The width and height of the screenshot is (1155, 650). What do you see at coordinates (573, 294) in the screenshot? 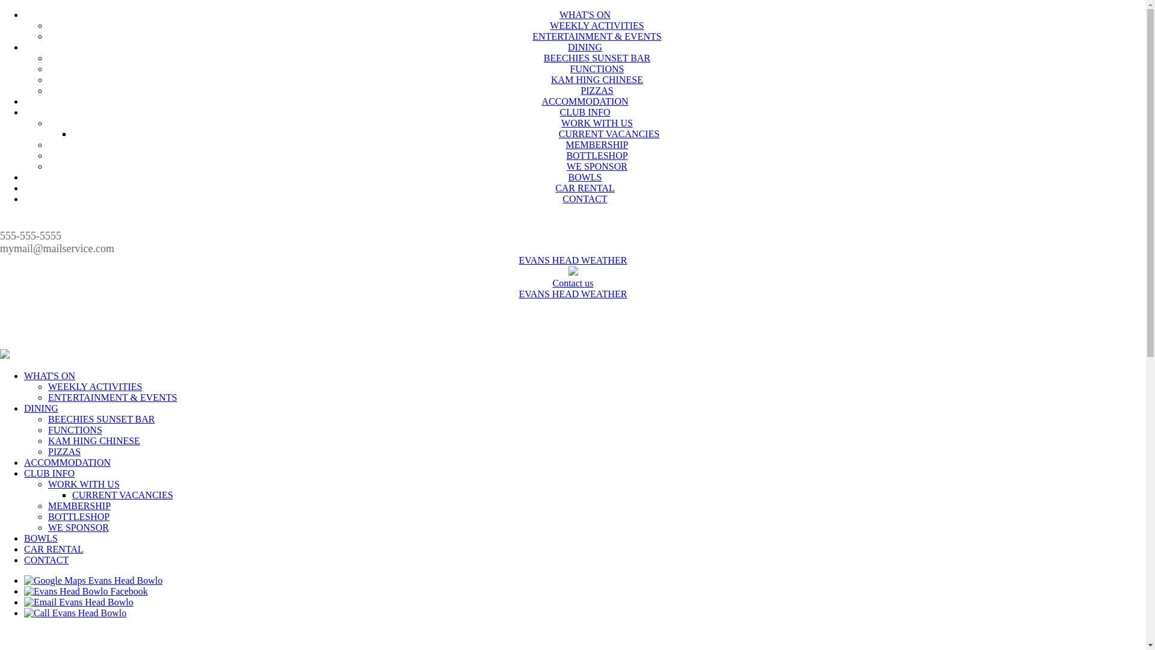
I see `'EVANS HEAD WEATHER'` at bounding box center [573, 294].